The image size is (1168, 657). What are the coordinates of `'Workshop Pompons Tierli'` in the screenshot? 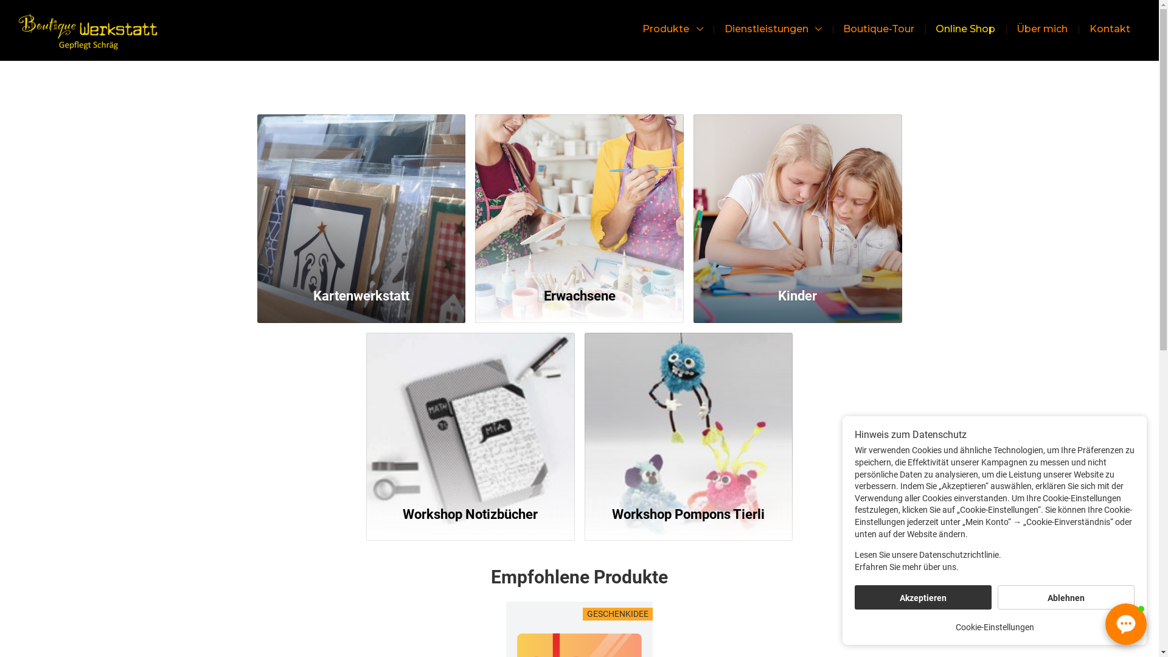 It's located at (689, 412).